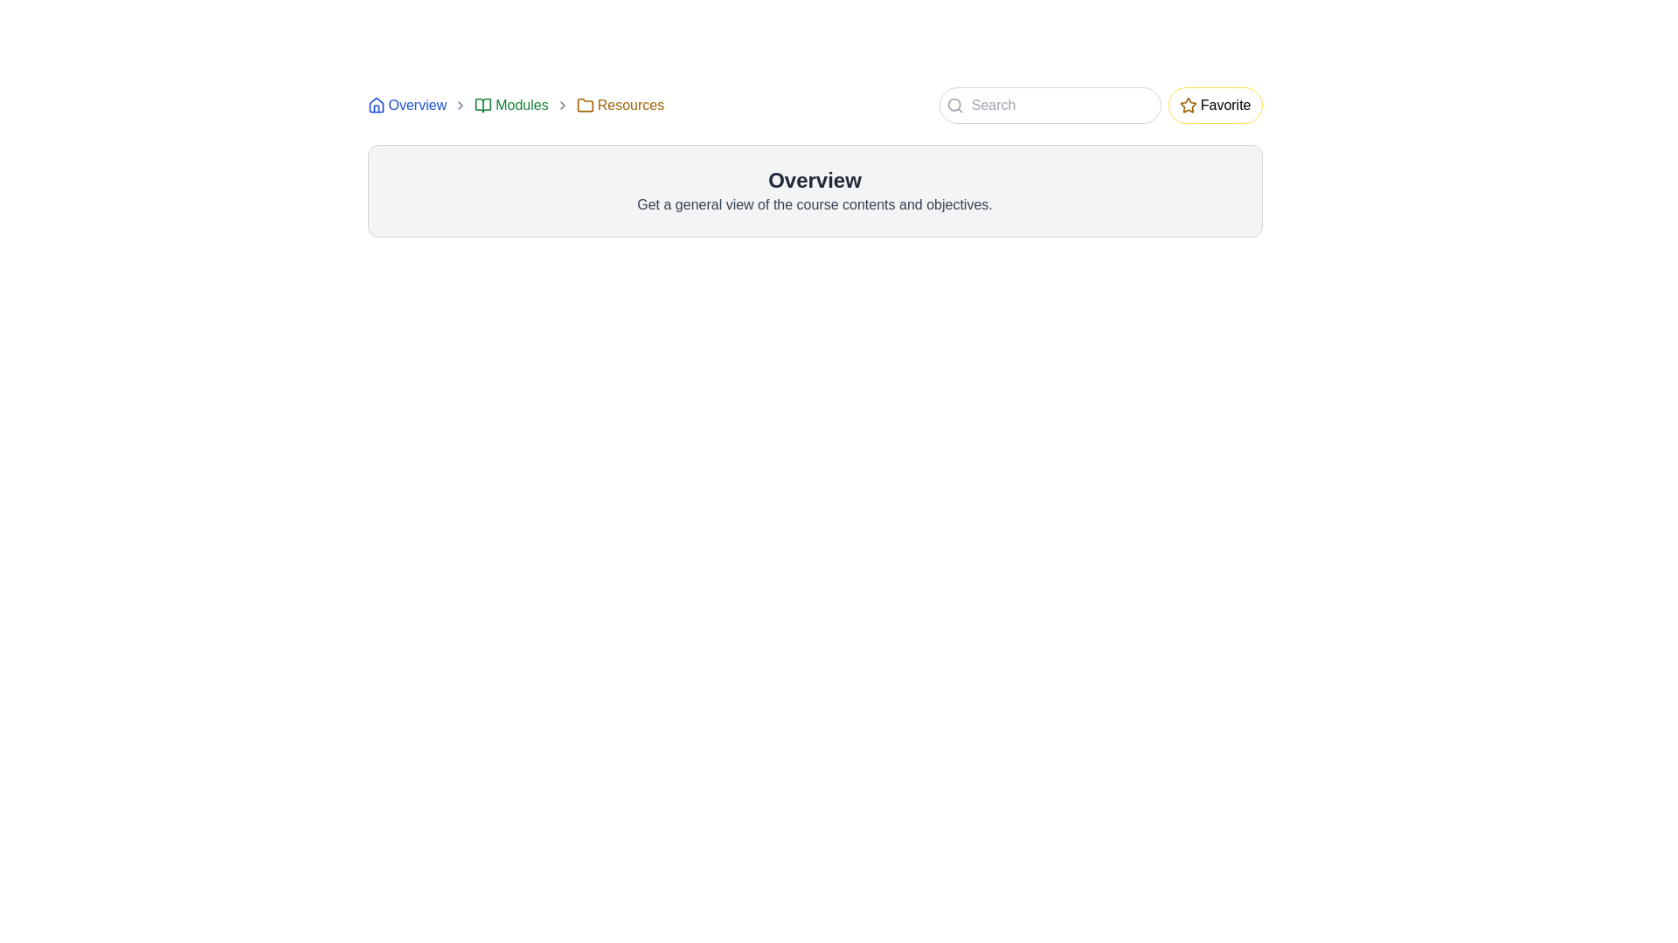  I want to click on the 'Overview' text label, which is bold and prominently displayed in dark gray, so click(814, 181).